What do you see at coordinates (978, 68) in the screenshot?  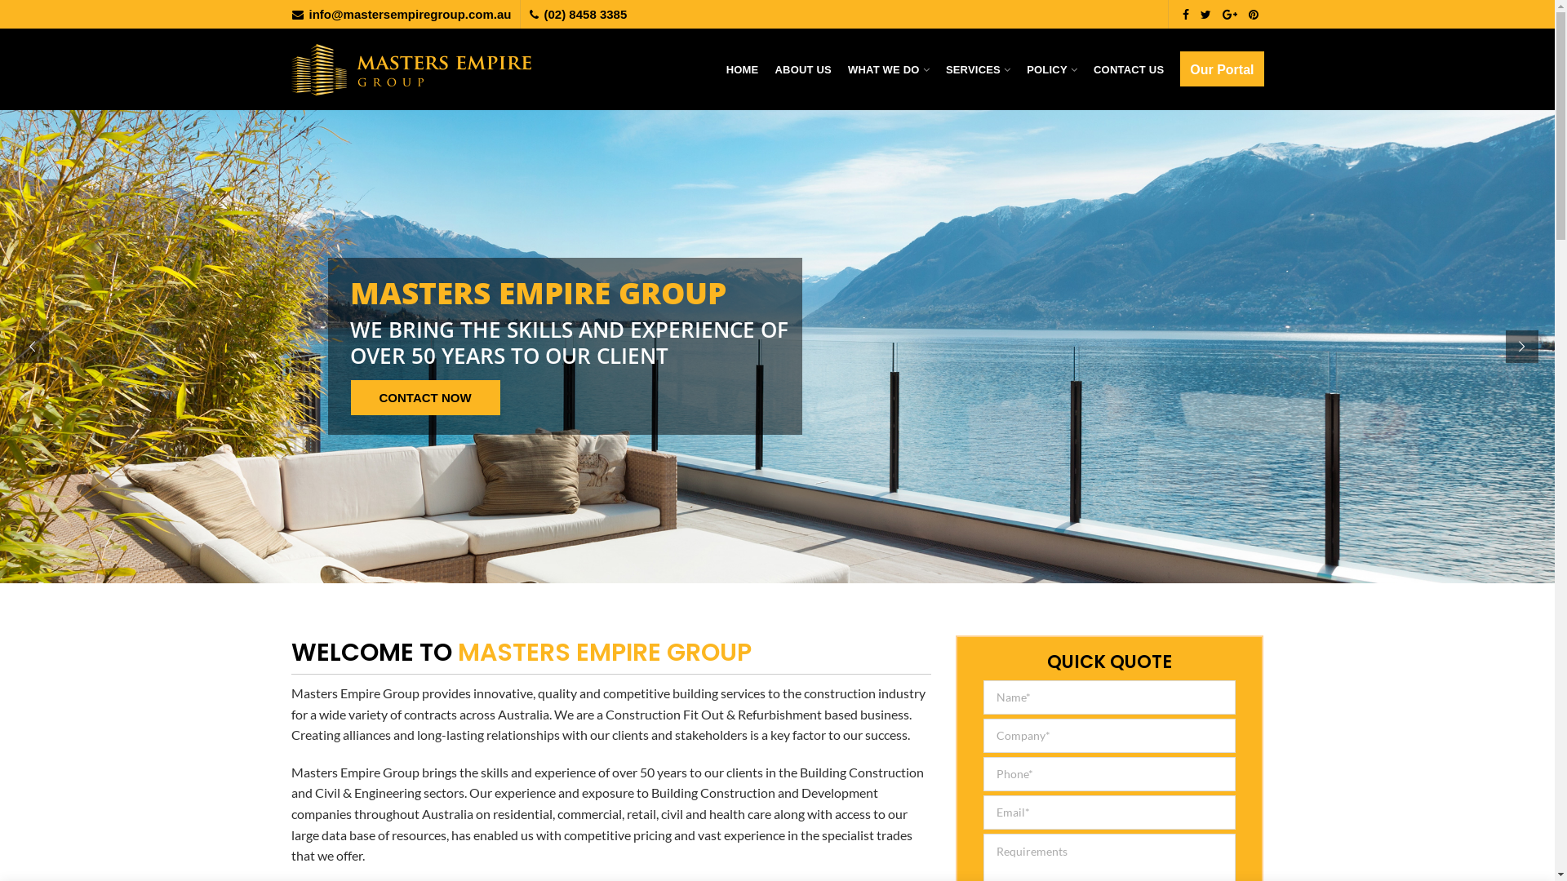 I see `'SERVICES'` at bounding box center [978, 68].